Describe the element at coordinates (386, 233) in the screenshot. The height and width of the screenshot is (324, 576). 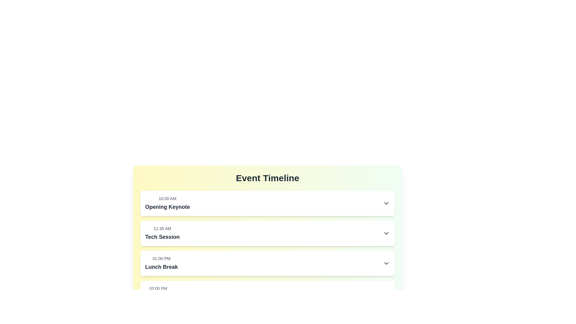
I see `the chevron icon button styled as a downward-pointing arrow located to the far right of the 'Tech Session' event in the Event Timeline` at that location.